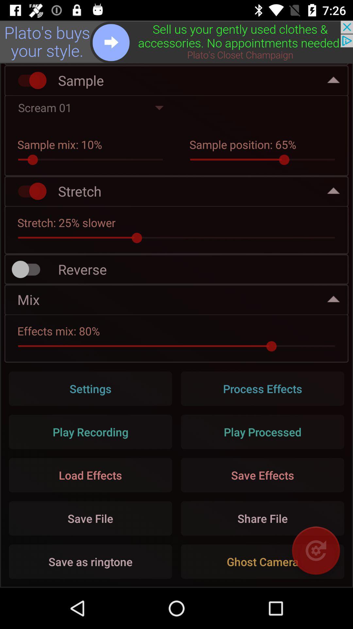 The height and width of the screenshot is (629, 353). Describe the element at coordinates (176, 42) in the screenshot. I see `visit advertisement` at that location.